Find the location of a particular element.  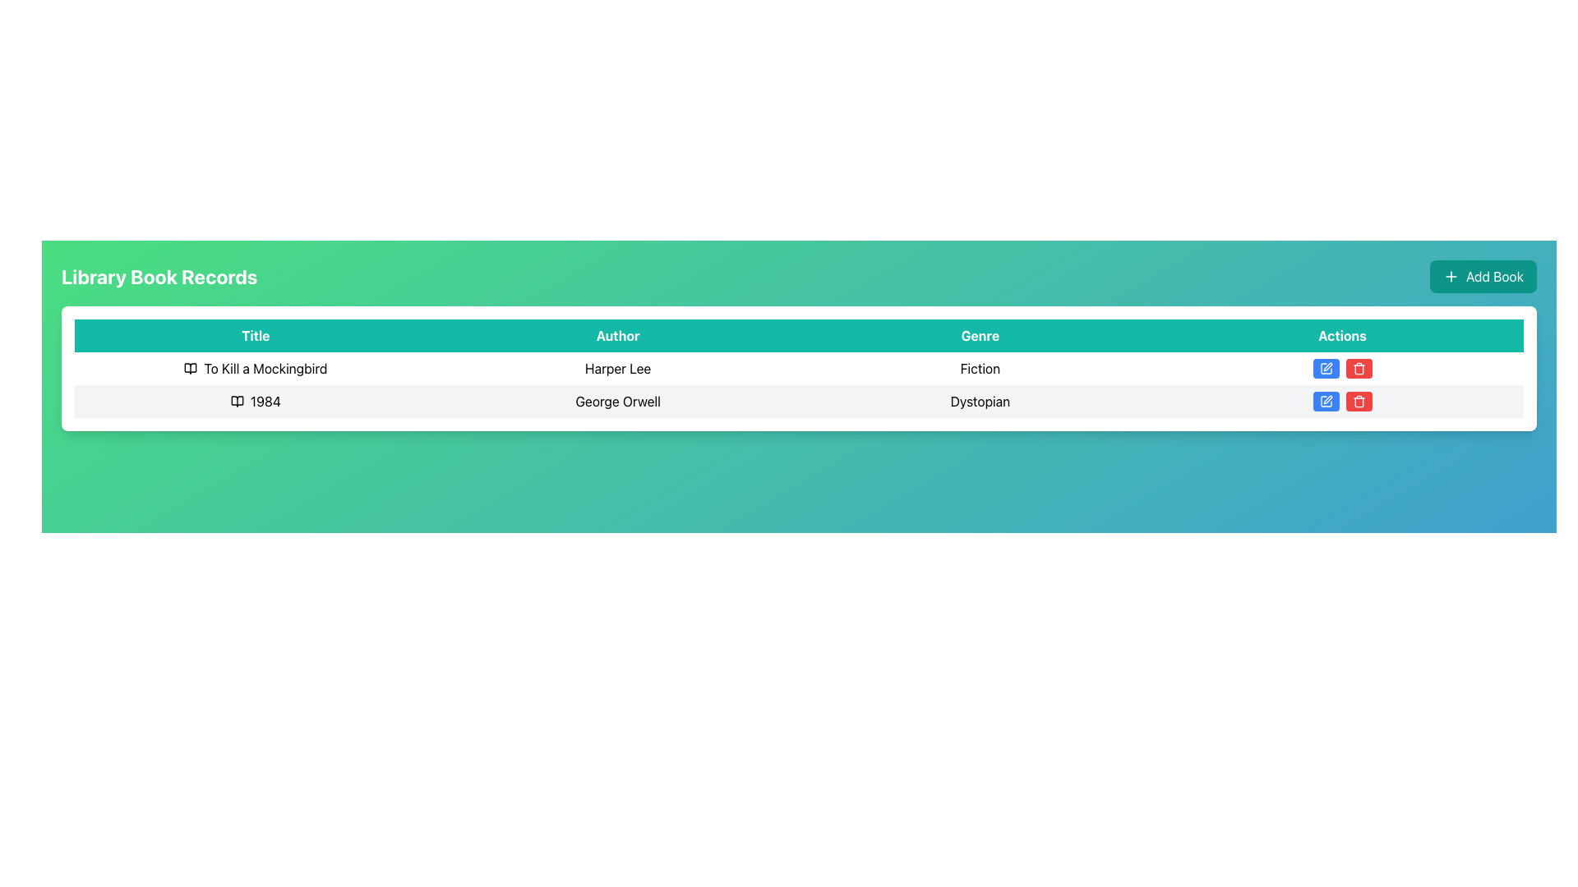

the title text element in the first row of the library records table is located at coordinates (255, 367).